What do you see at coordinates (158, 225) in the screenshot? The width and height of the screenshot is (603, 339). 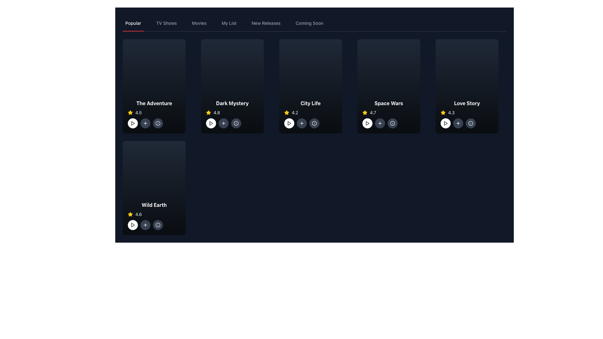 I see `the third button in the horizontal set below the 'Wild Earth' card` at bounding box center [158, 225].